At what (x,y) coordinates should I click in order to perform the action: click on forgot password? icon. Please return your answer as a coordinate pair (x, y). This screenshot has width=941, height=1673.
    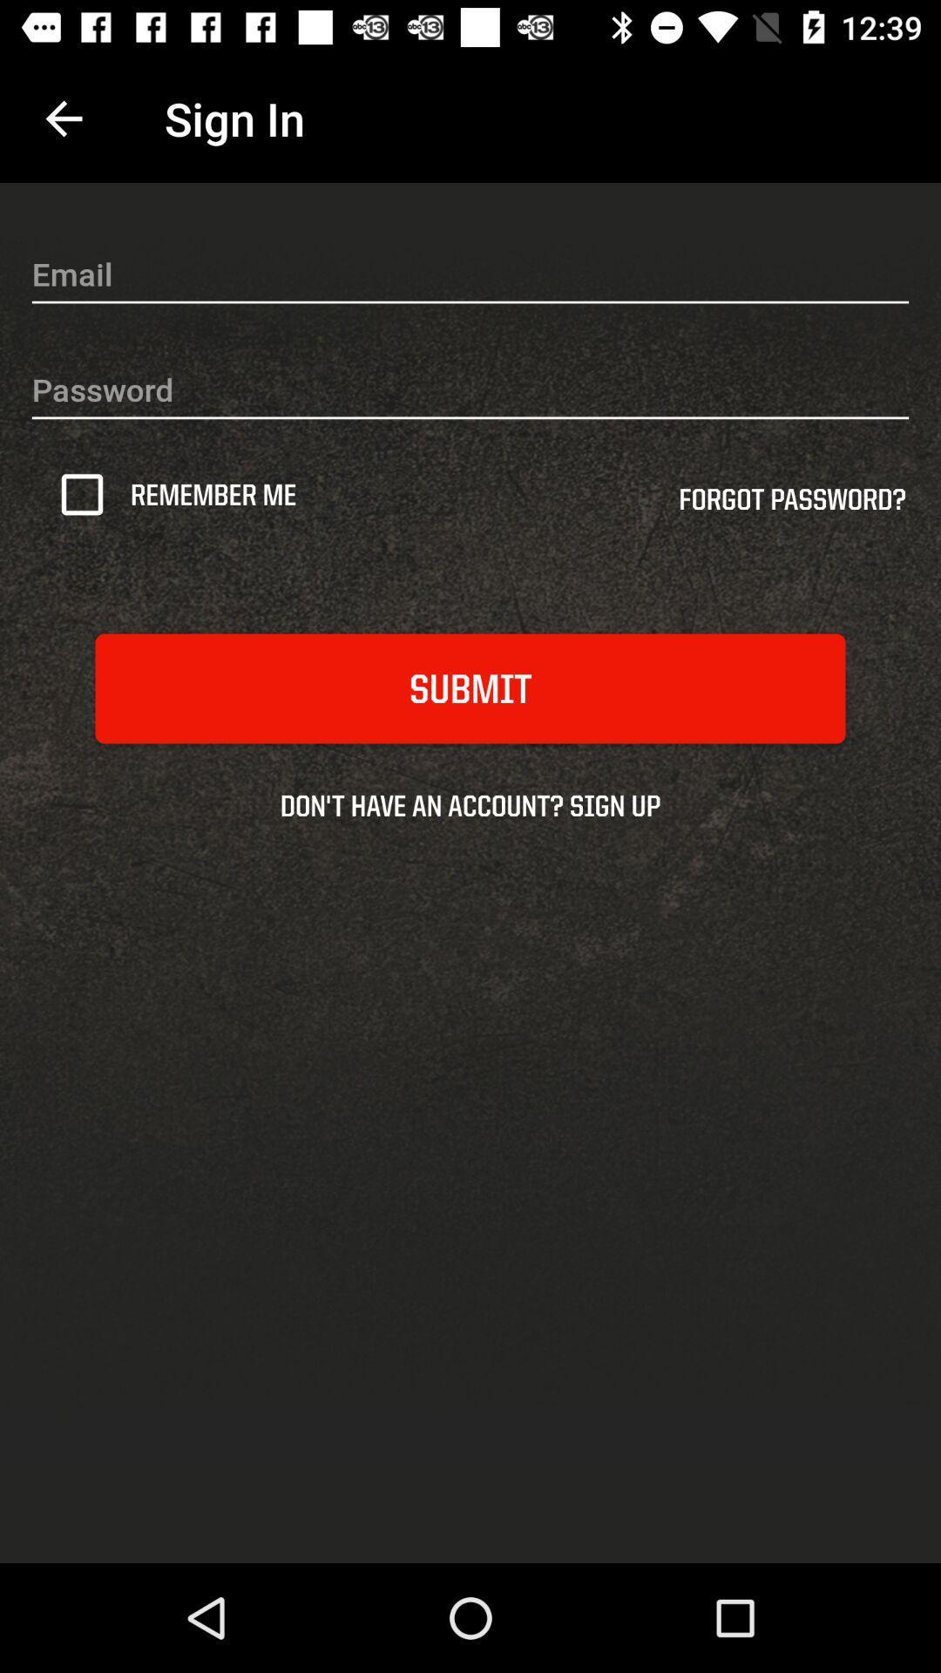
    Looking at the image, I should click on (792, 505).